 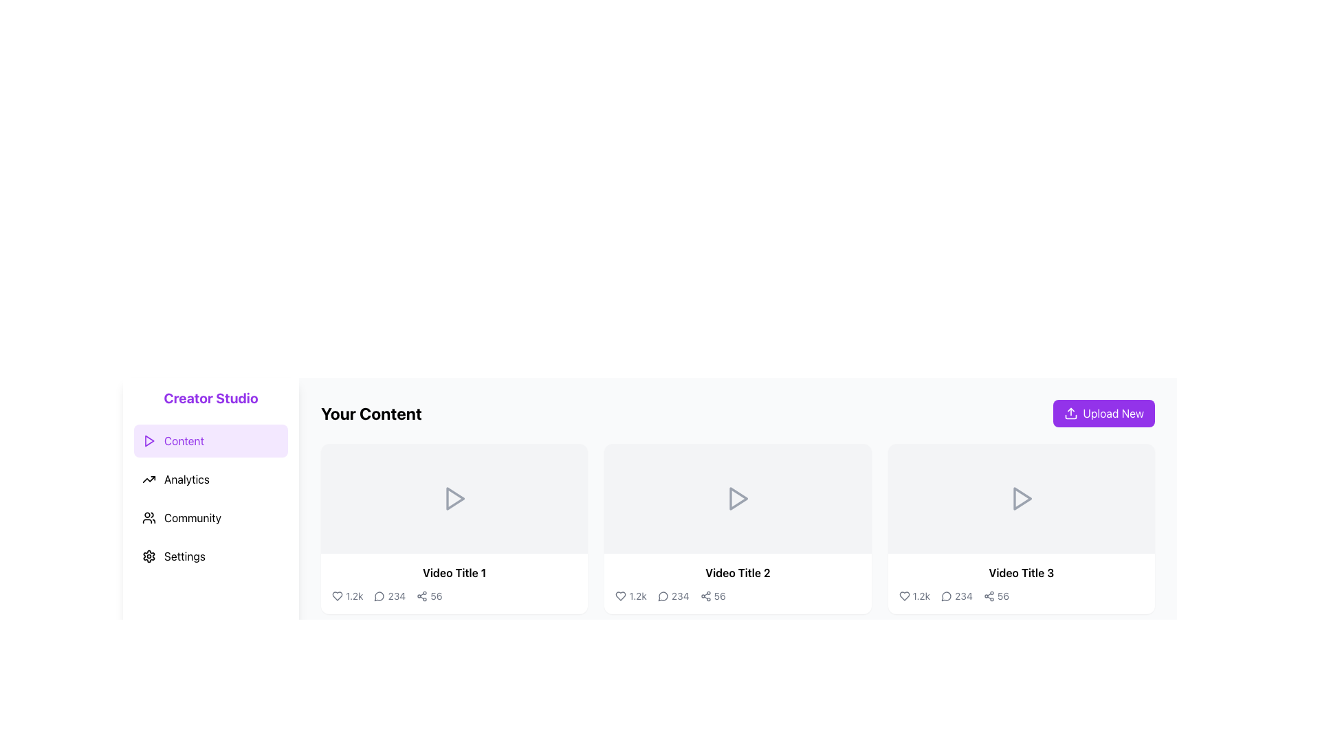 What do you see at coordinates (1021, 572) in the screenshot?
I see `the text label displaying 'Video Title 3', which is bold and larger than surrounding text, located beneath a video thumbnail in the third card from the left` at bounding box center [1021, 572].